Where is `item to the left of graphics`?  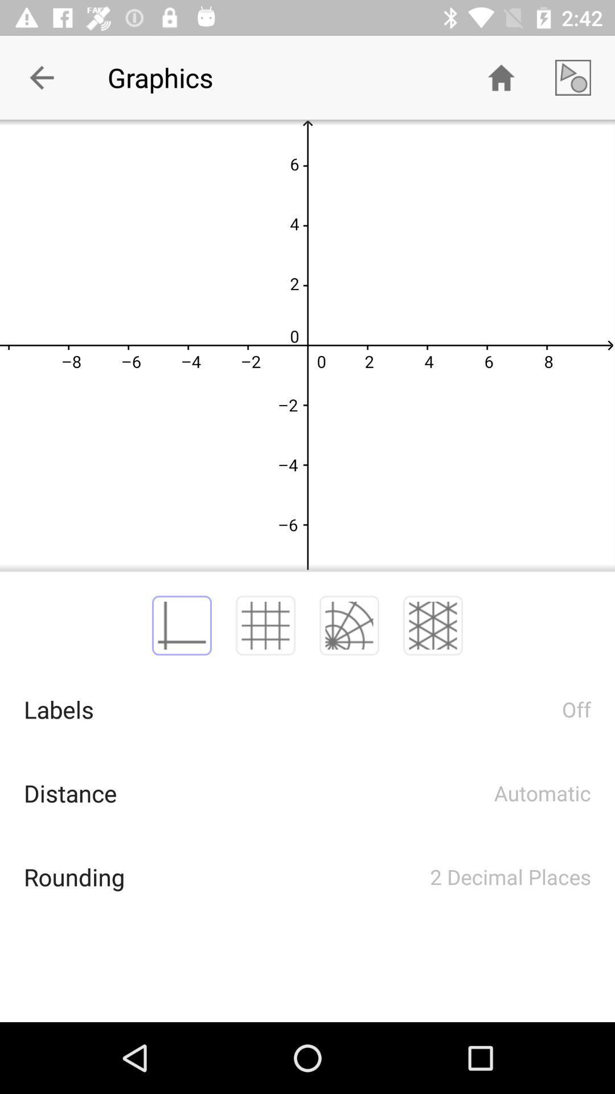
item to the left of graphics is located at coordinates (41, 77).